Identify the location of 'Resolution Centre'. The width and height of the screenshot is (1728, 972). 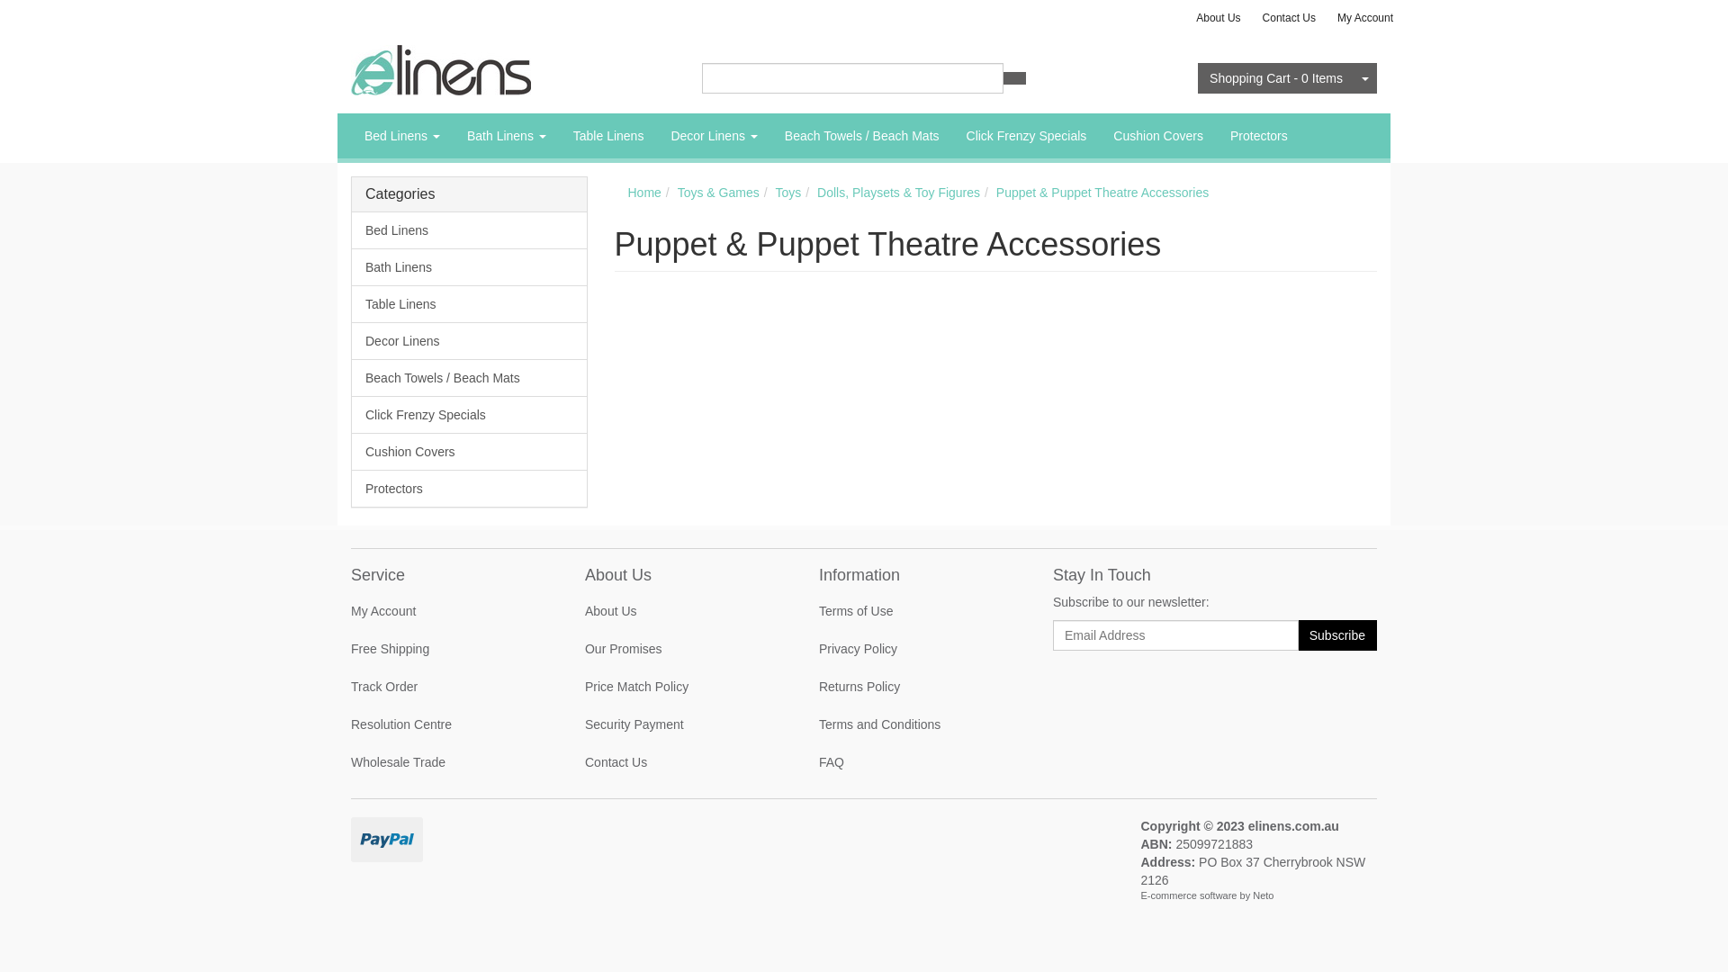
(447, 724).